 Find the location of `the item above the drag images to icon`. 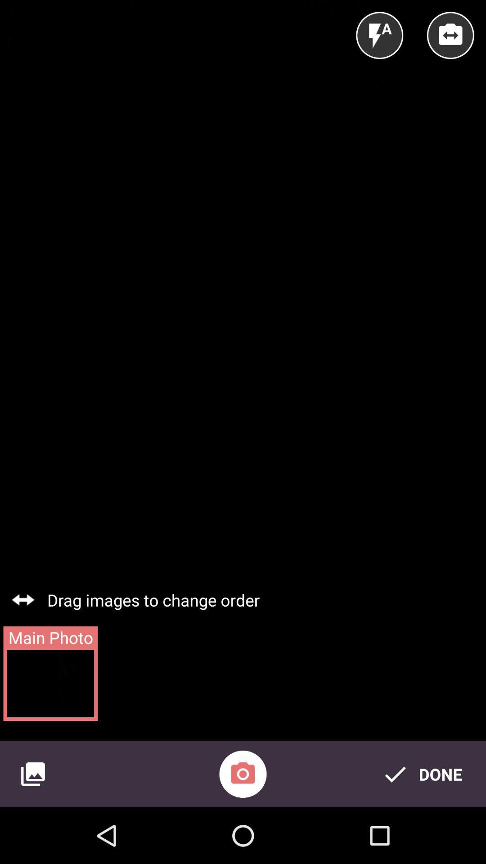

the item above the drag images to icon is located at coordinates (379, 35).